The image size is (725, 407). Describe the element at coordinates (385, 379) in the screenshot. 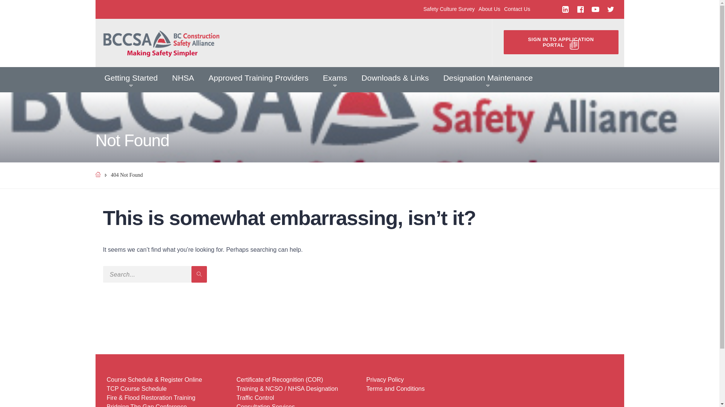

I see `'Privacy Policy'` at that location.